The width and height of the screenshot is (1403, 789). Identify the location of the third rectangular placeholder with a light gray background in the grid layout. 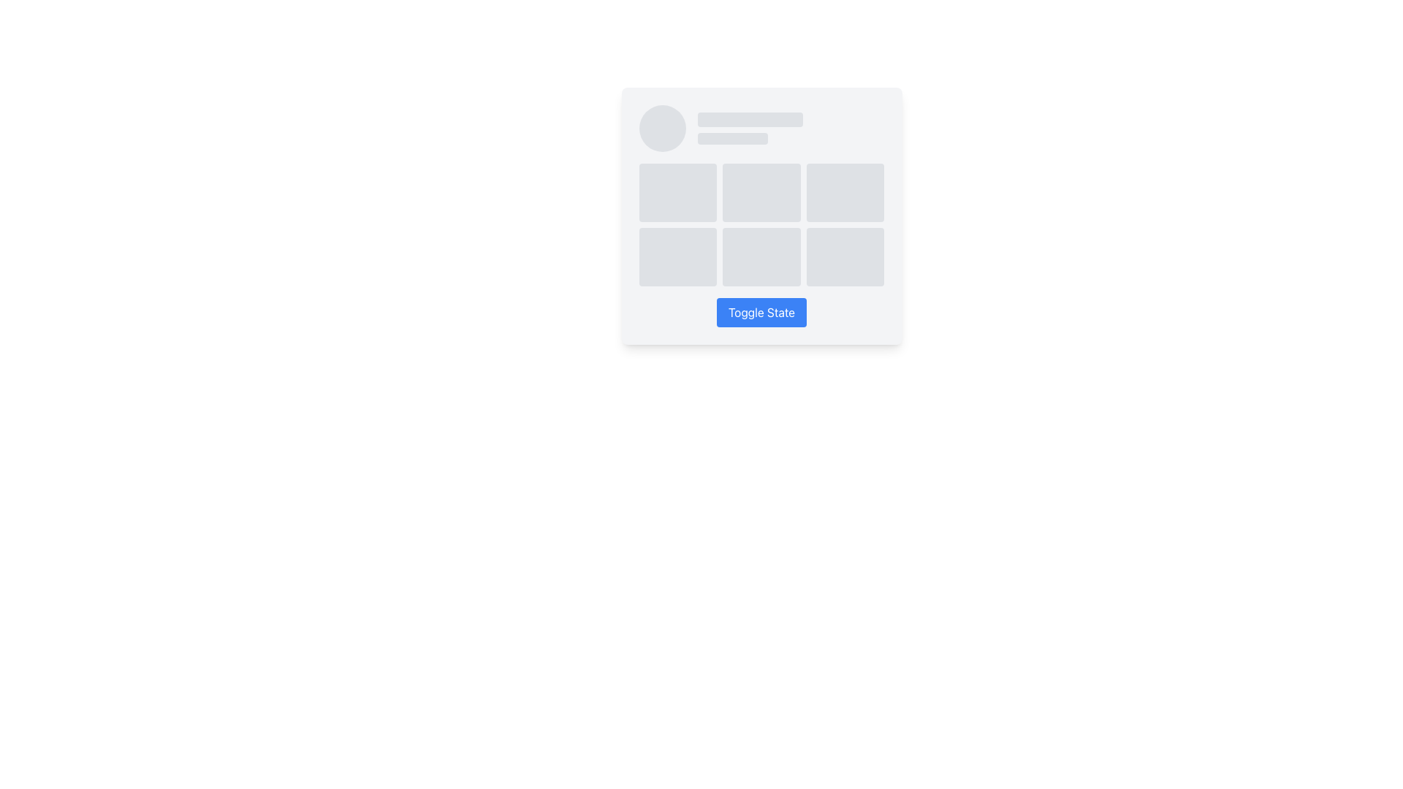
(845, 191).